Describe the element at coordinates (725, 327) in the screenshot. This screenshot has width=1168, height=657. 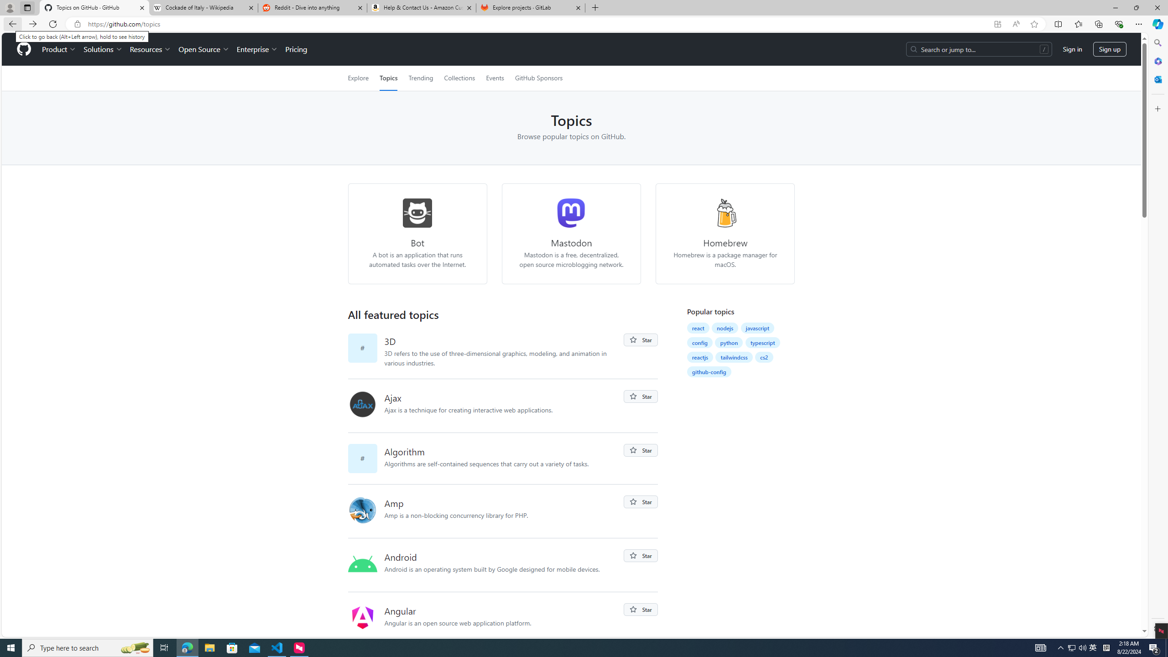
I see `'nodejs'` at that location.